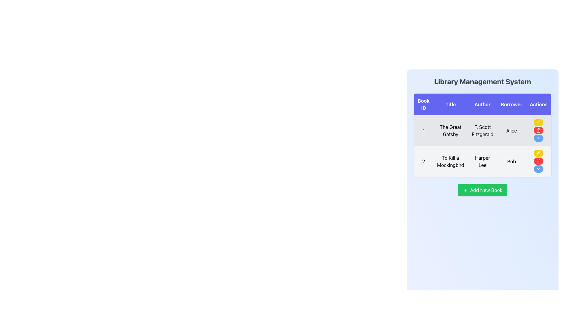 This screenshot has width=579, height=326. I want to click on the edit icon button in the 'Actions' column of the first row for 'The Great Gatsby', so click(539, 122).